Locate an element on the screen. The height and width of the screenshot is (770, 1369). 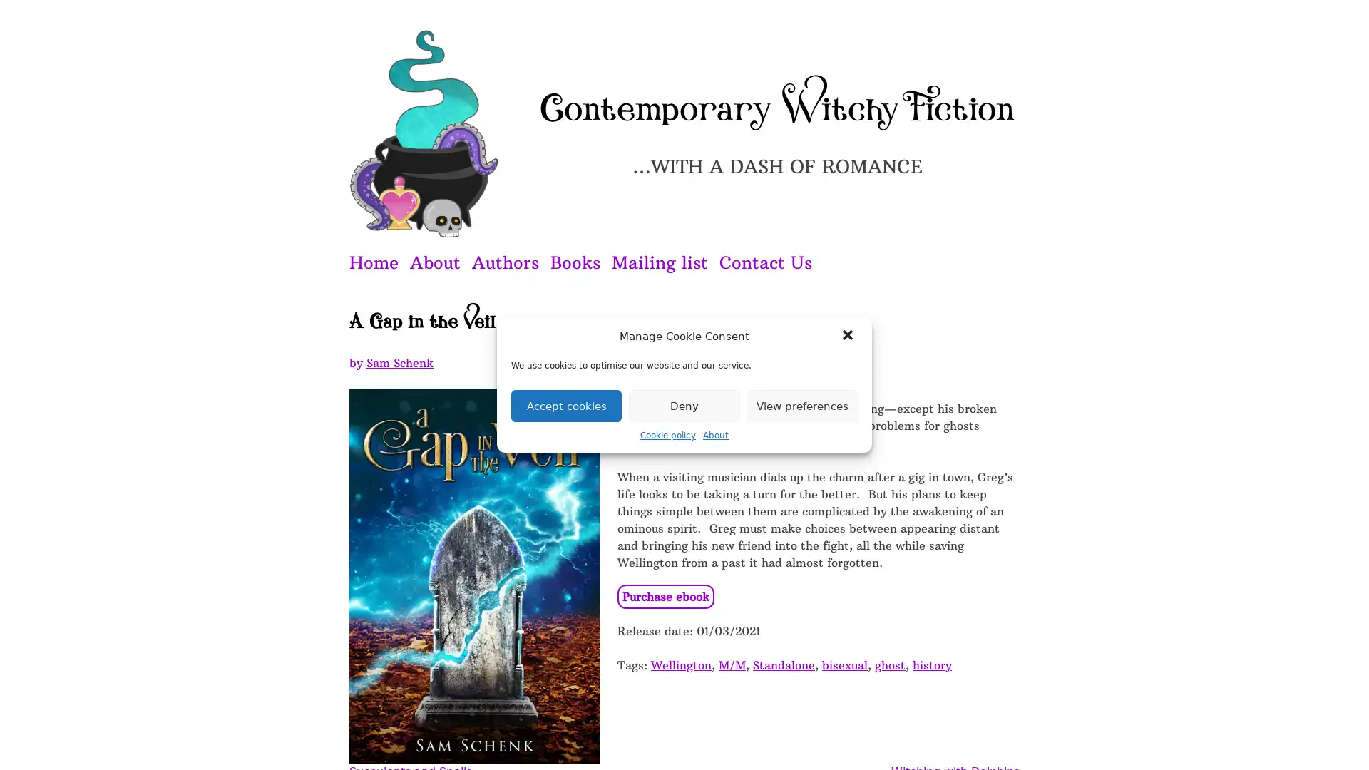
Deny is located at coordinates (683, 406).